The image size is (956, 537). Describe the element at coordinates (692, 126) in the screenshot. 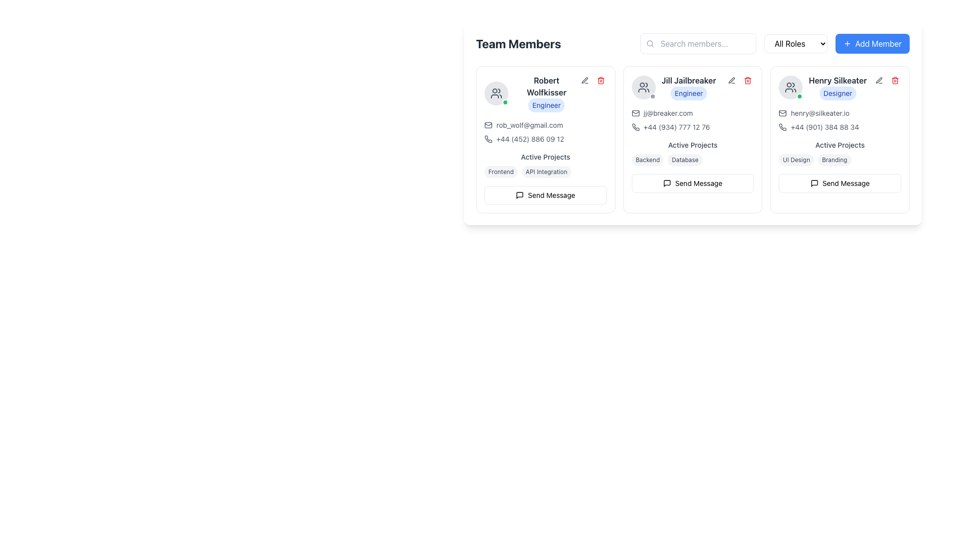

I see `the phone contact information element for 'Jill Jailbreaker', which is located in the lower section of the card, aligned to the left under the email address` at that location.